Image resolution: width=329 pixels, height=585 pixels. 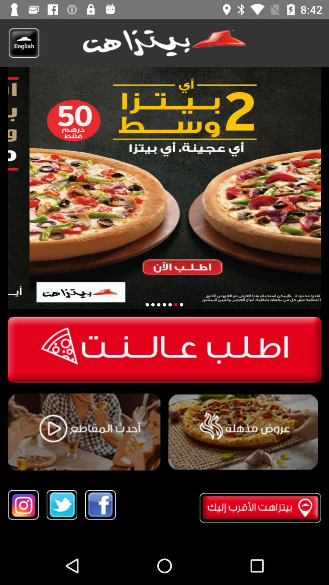 I want to click on loading, so click(x=170, y=305).